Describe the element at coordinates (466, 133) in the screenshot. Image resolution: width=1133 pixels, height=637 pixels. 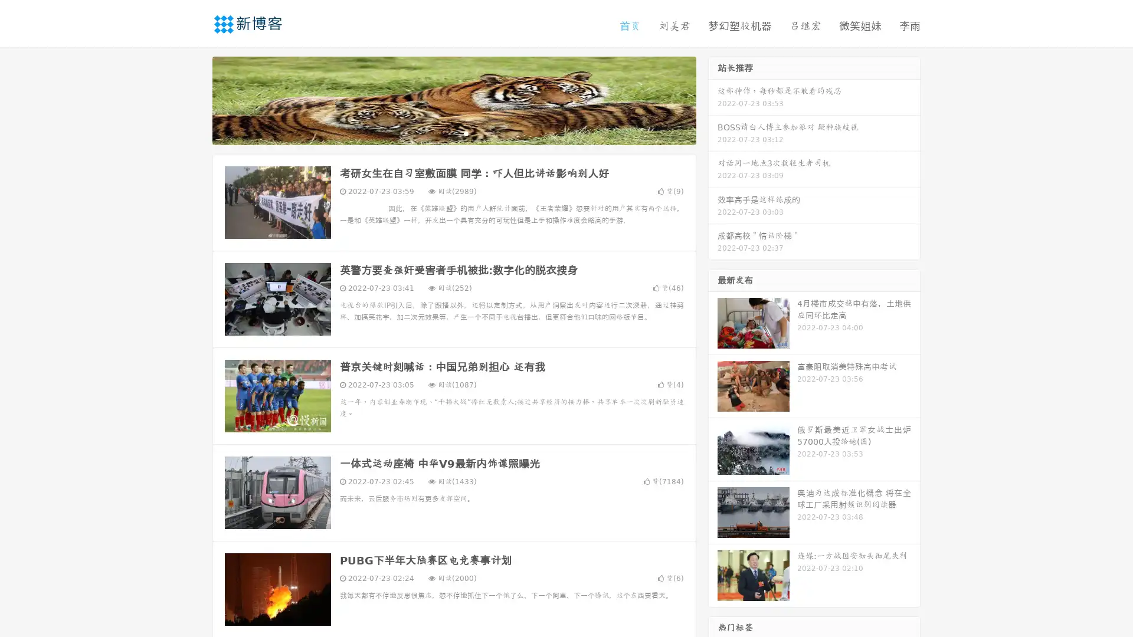
I see `Go to slide 3` at that location.